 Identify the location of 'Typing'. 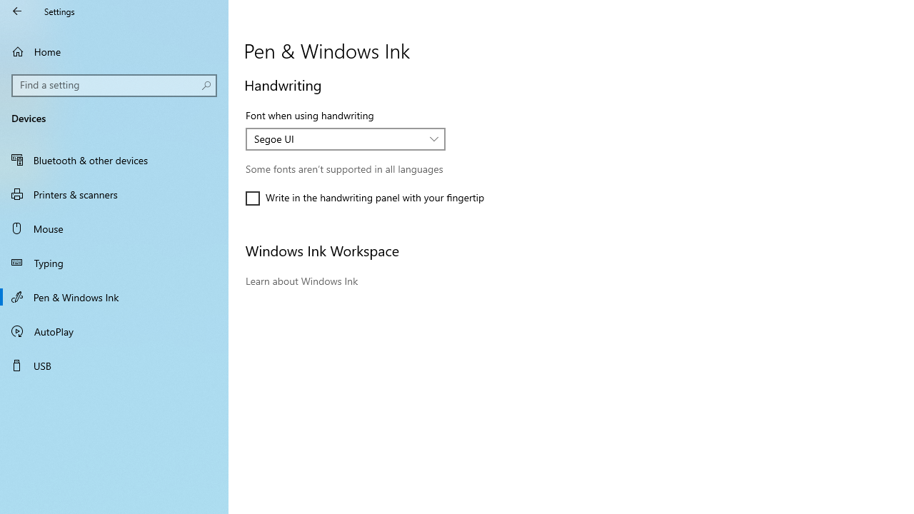
(114, 262).